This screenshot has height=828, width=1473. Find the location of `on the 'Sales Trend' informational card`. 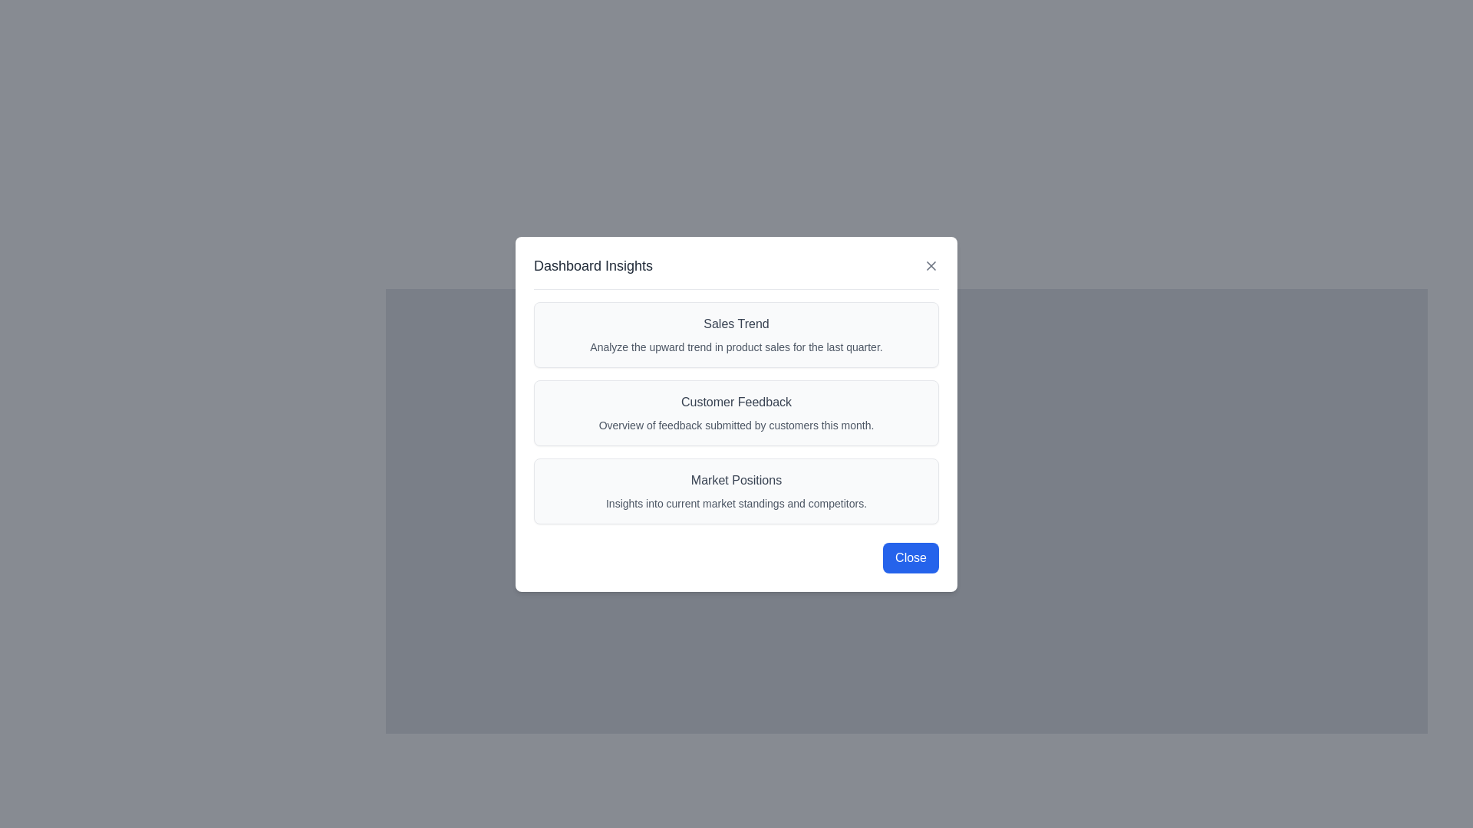

on the 'Sales Trend' informational card is located at coordinates (736, 333).